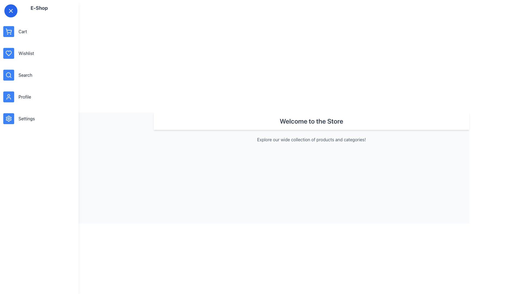 Image resolution: width=523 pixels, height=294 pixels. What do you see at coordinates (26, 118) in the screenshot?
I see `the 'Settings' text label located in the vertical navigation menu on the left side of the application` at bounding box center [26, 118].